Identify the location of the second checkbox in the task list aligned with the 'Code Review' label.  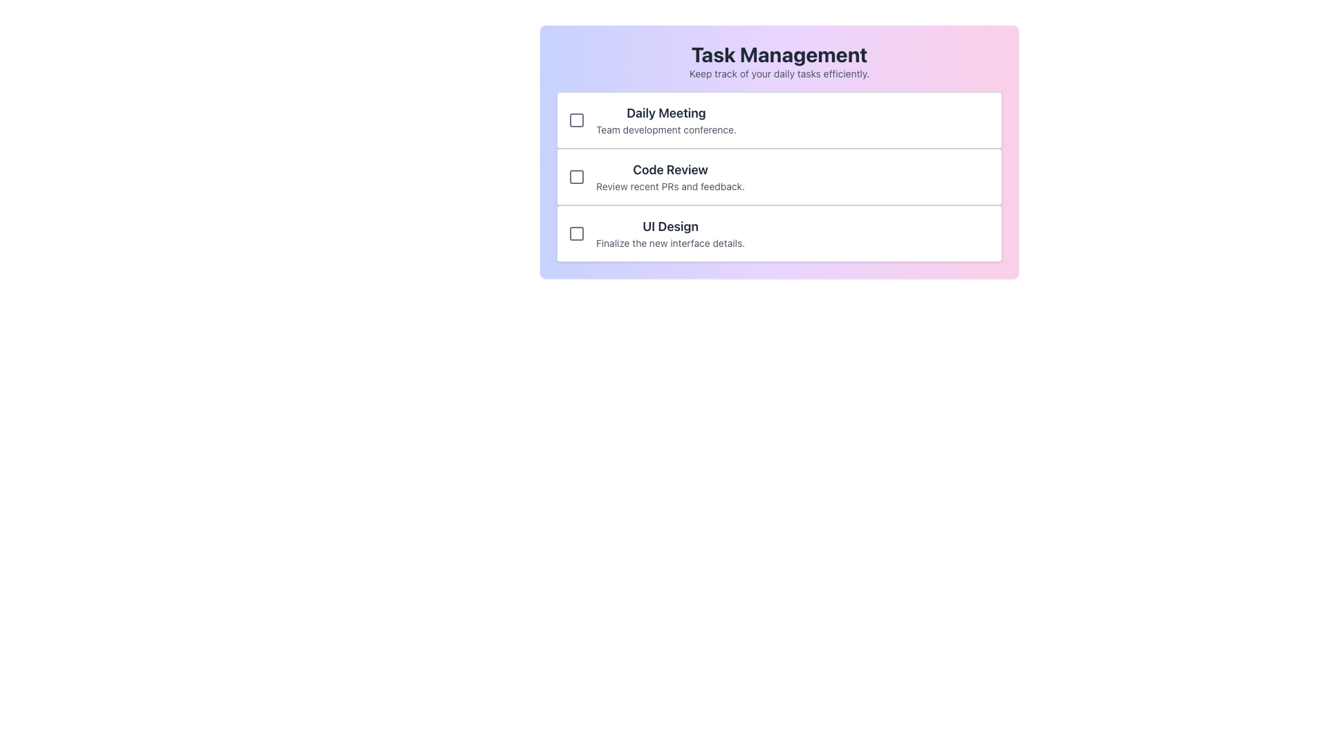
(577, 176).